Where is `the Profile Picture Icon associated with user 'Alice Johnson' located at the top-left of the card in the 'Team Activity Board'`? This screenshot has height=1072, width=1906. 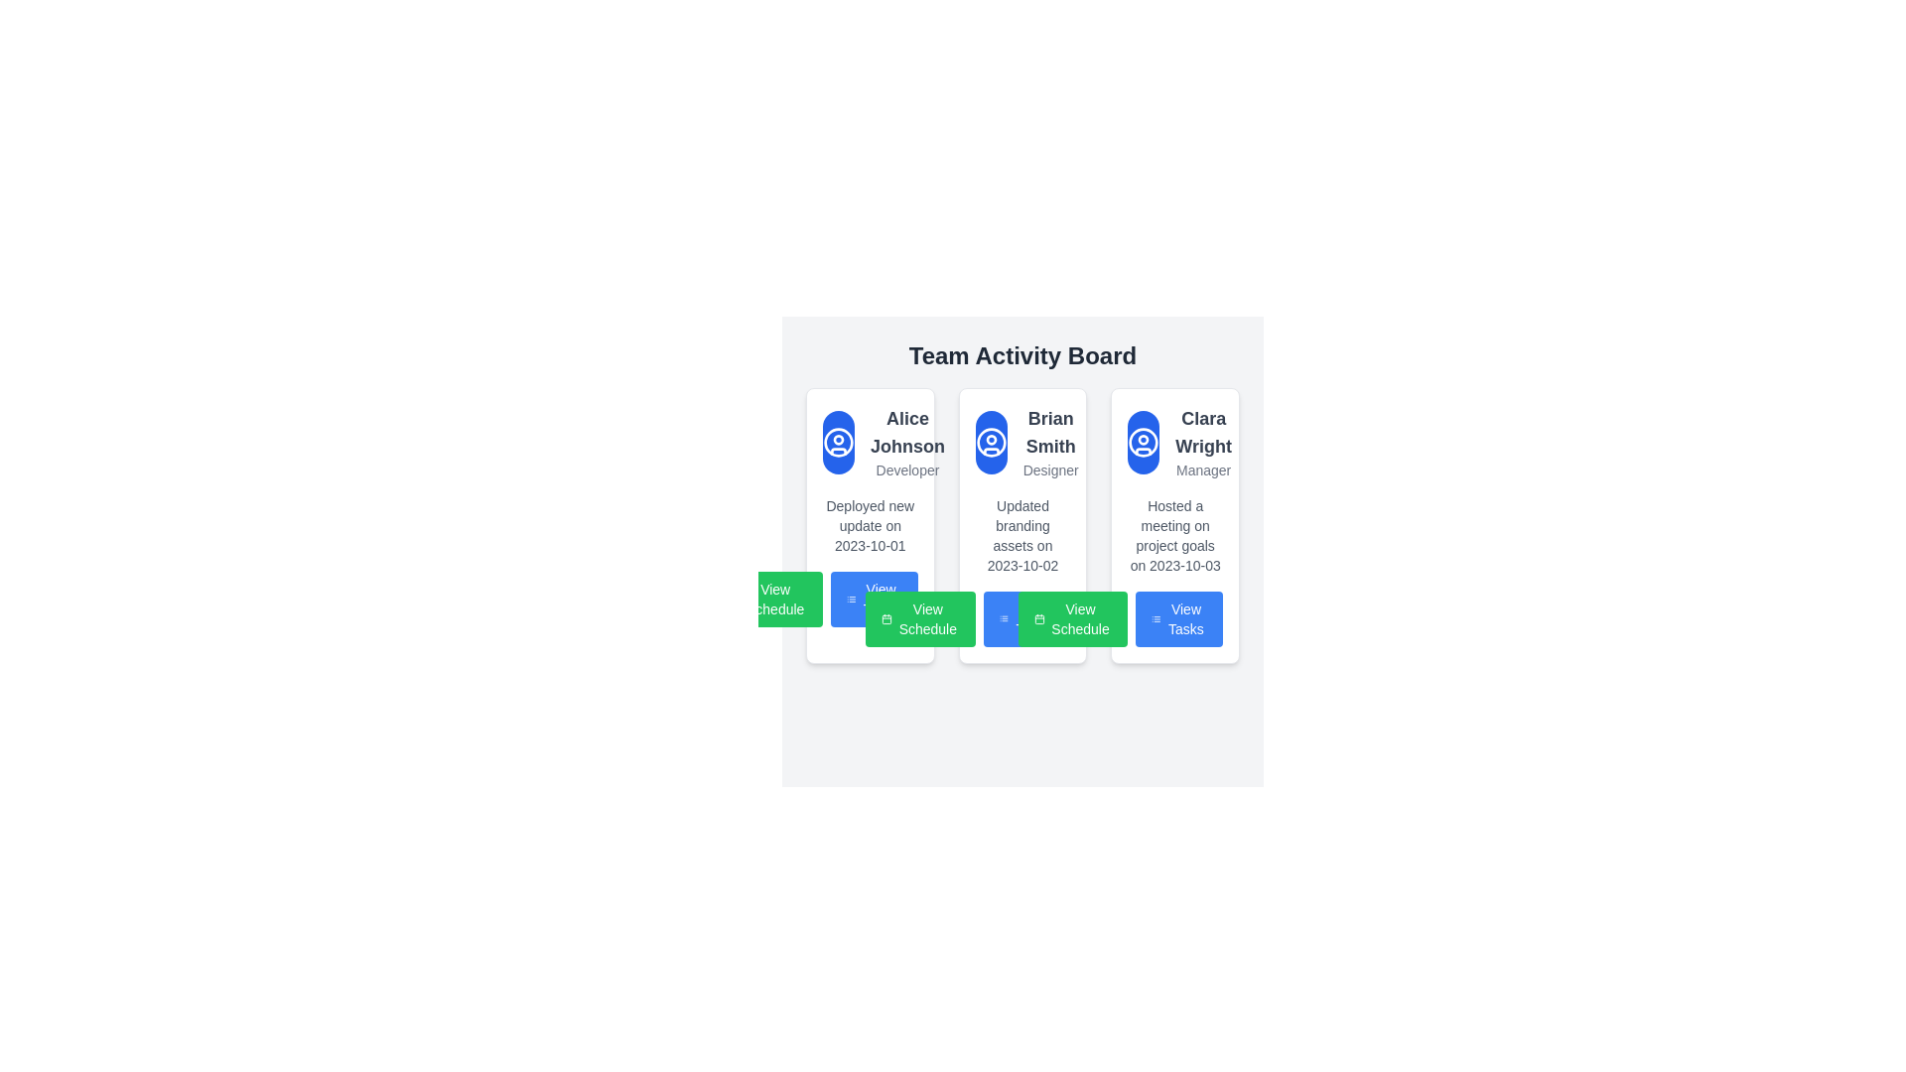
the Profile Picture Icon associated with user 'Alice Johnson' located at the top-left of the card in the 'Team Activity Board' is located at coordinates (838, 442).